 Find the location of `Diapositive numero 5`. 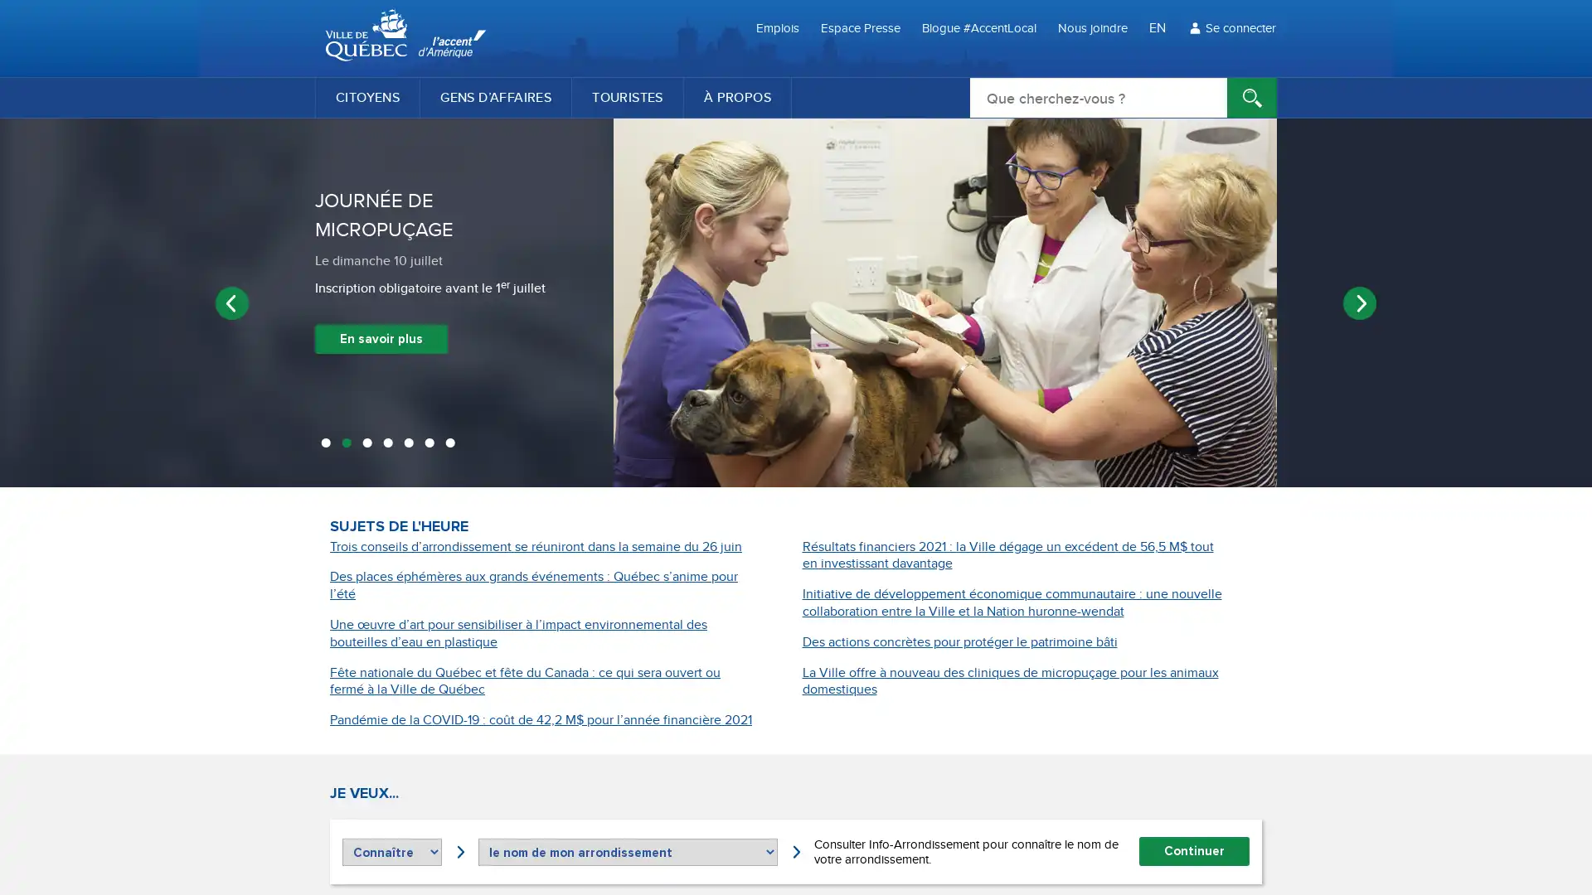

Diapositive numero 5 is located at coordinates (408, 443).